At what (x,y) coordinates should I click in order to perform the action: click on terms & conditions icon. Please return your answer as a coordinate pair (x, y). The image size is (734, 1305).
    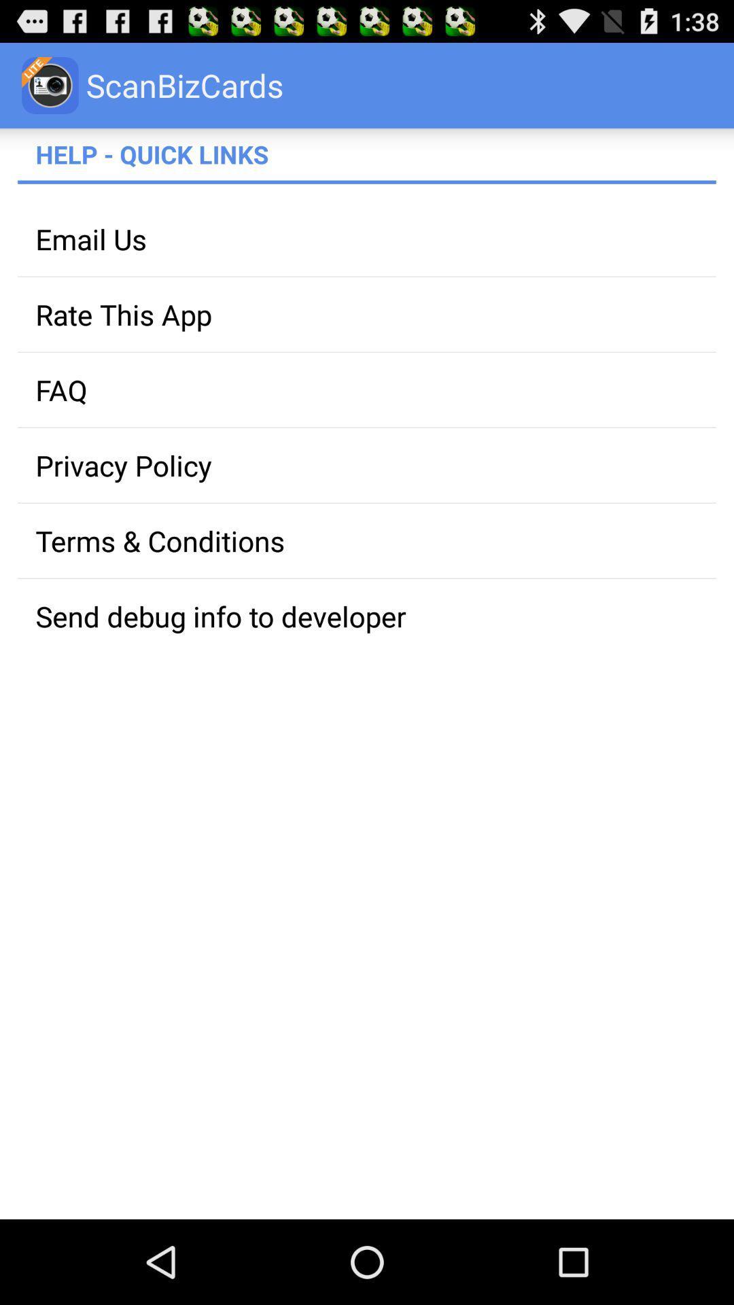
    Looking at the image, I should click on (367, 540).